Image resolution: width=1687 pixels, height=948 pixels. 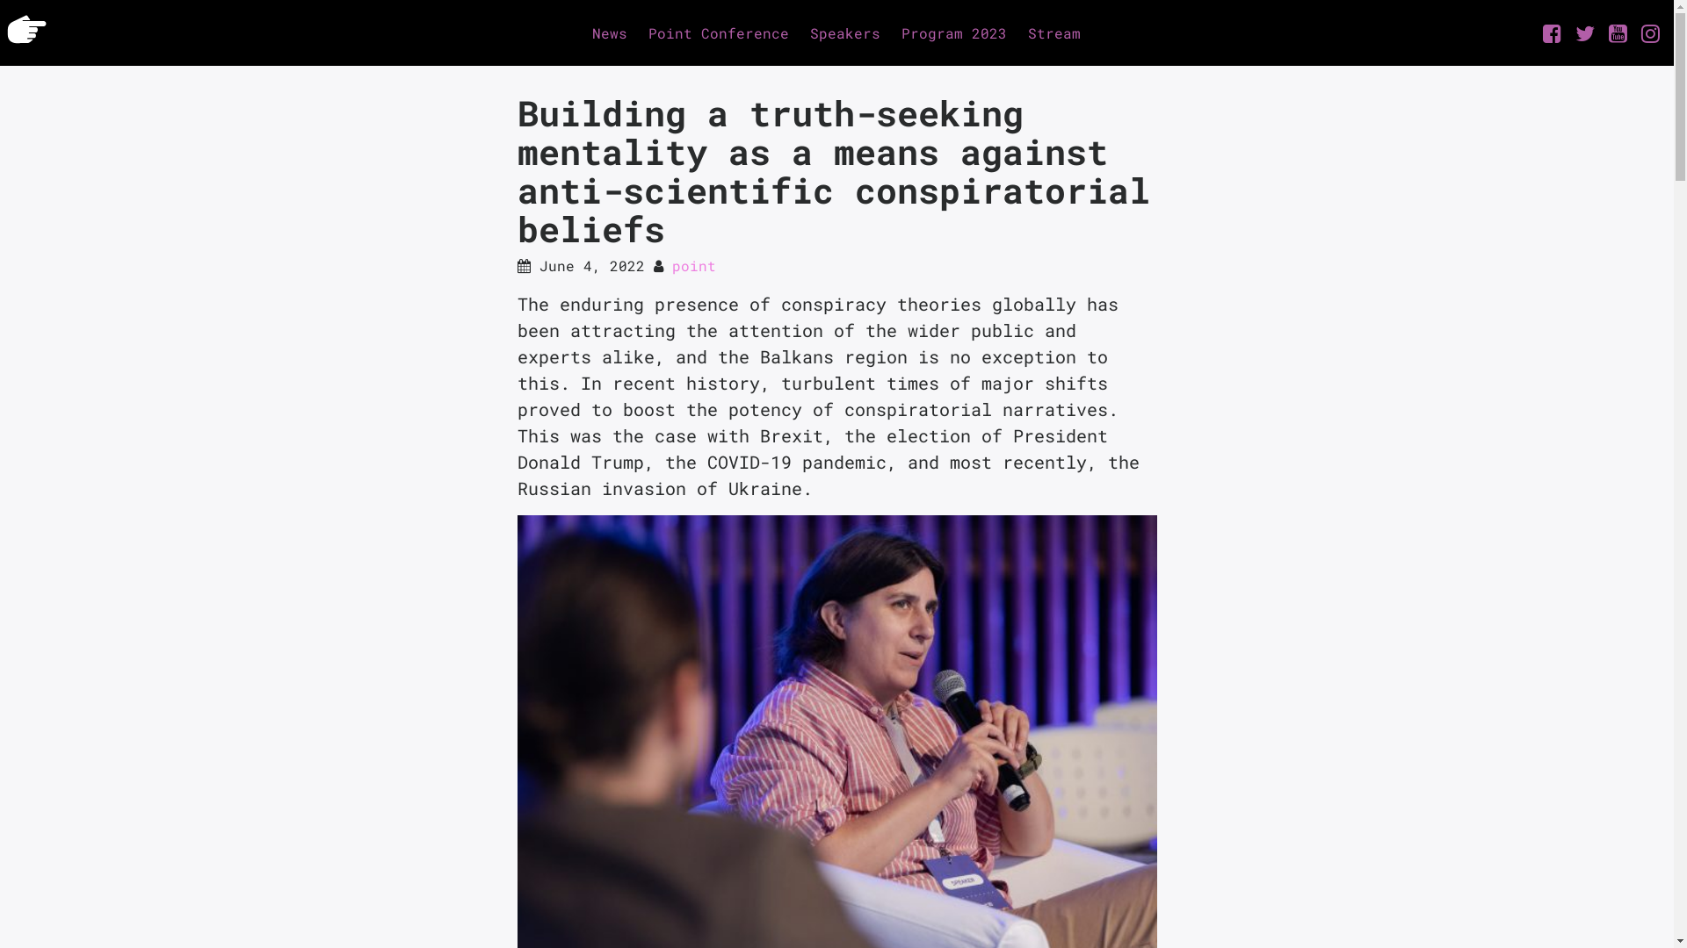 I want to click on 'Speakers', so click(x=844, y=32).